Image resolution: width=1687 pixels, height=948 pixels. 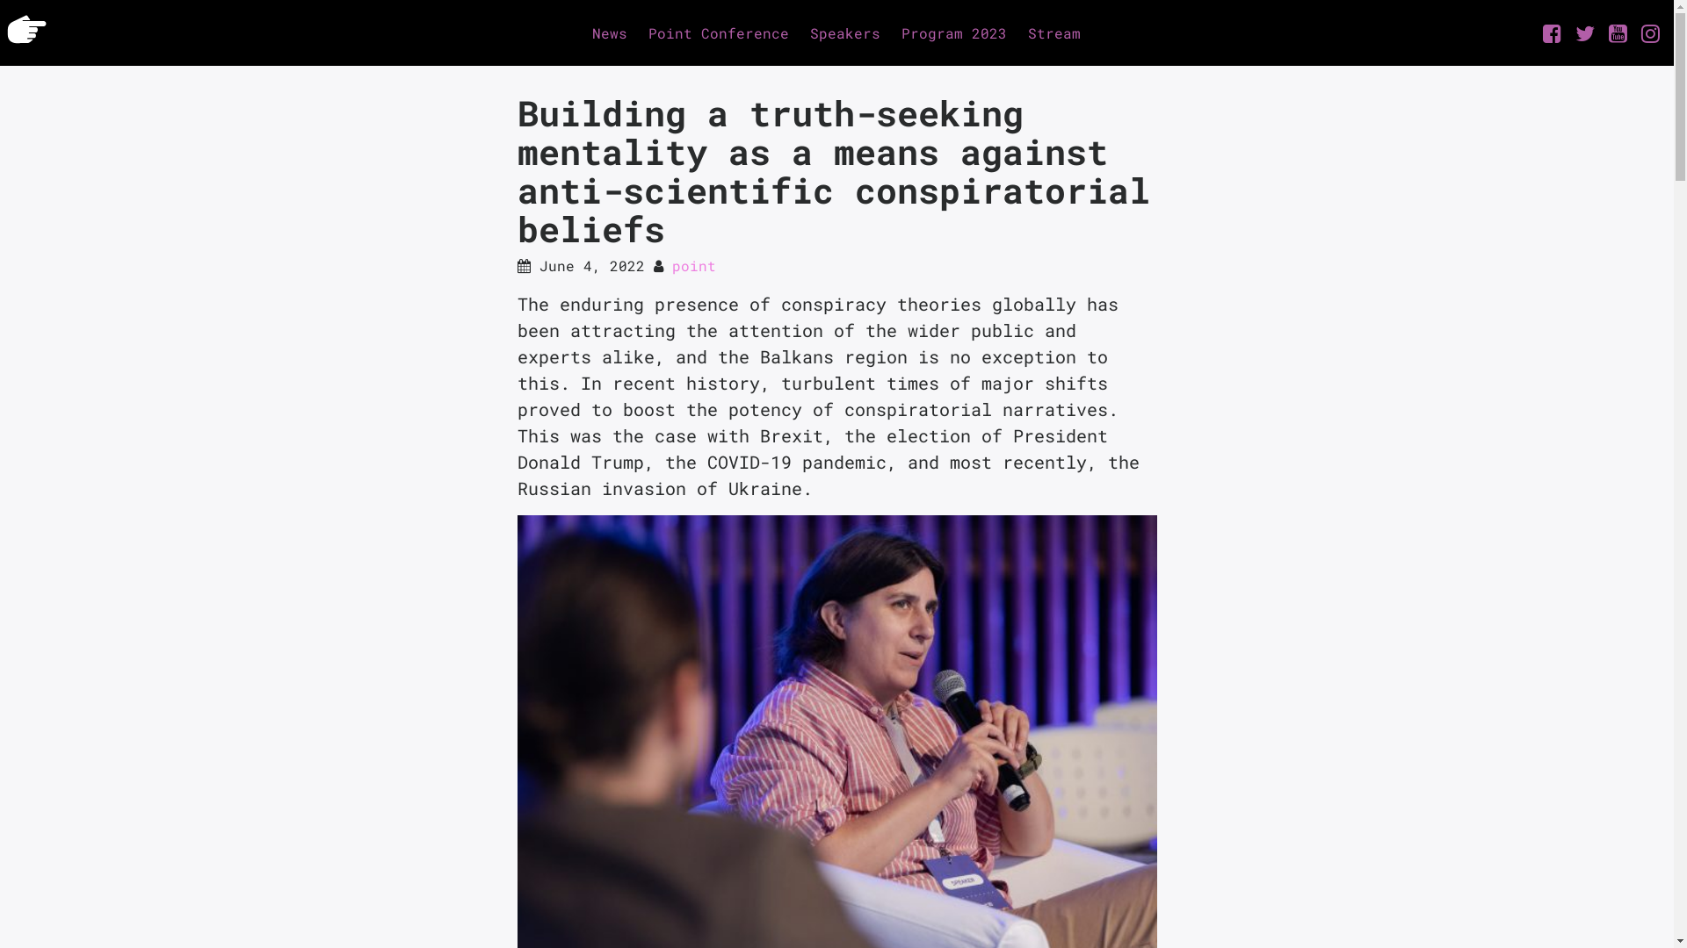 I want to click on 'Speakers', so click(x=844, y=32).